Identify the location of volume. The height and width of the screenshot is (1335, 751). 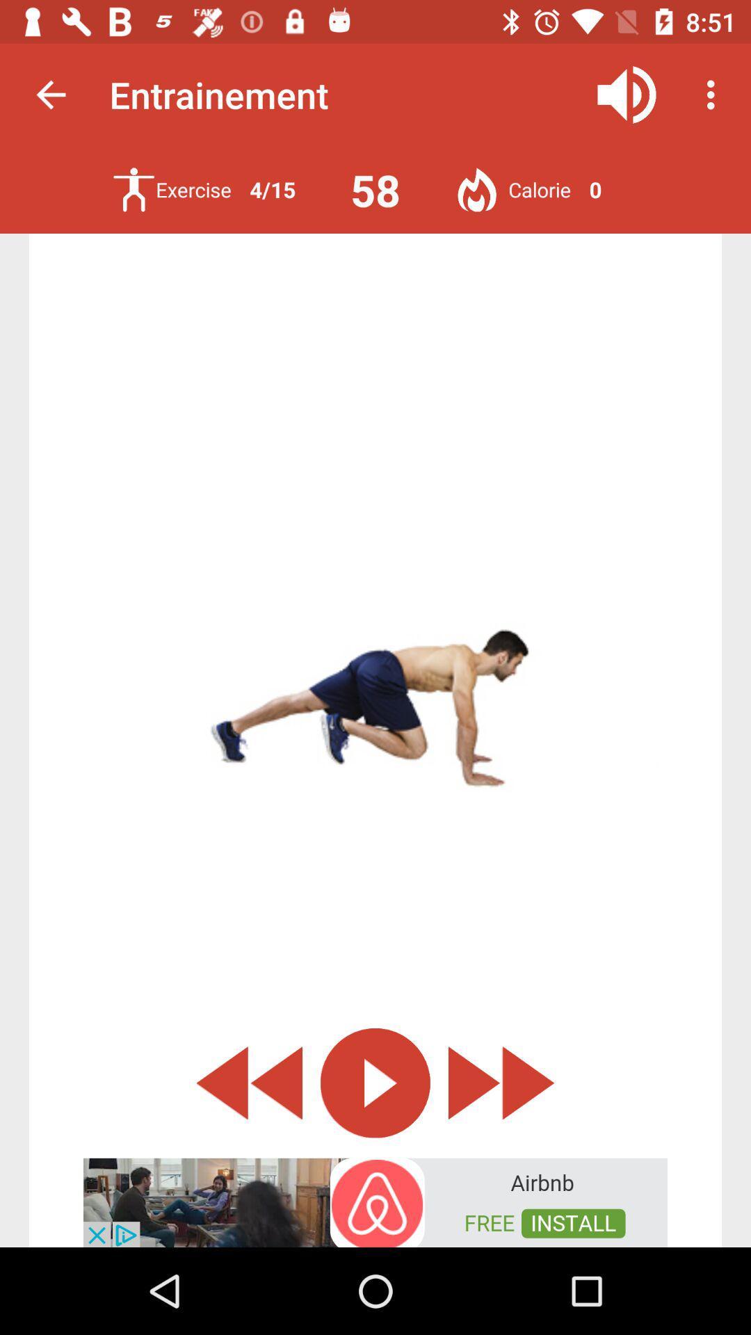
(627, 94).